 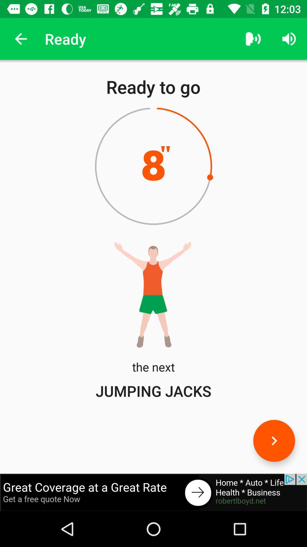 I want to click on the arrow_forward icon, so click(x=274, y=440).